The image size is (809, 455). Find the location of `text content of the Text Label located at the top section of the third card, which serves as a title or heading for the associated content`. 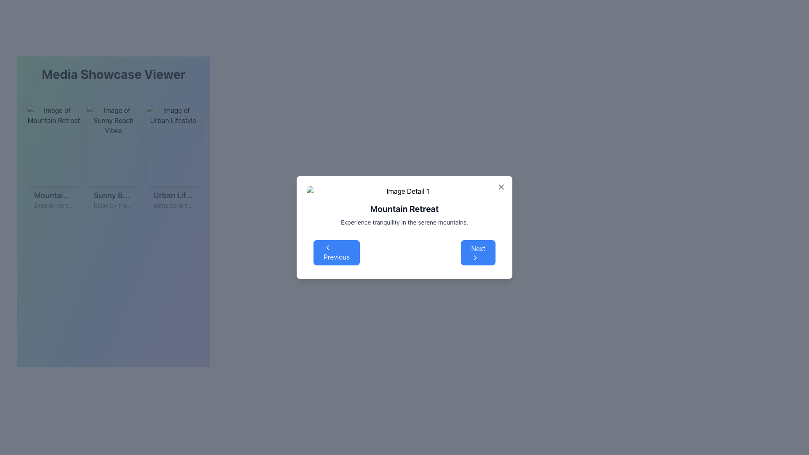

text content of the Text Label located at the top section of the third card, which serves as a title or heading for the associated content is located at coordinates (173, 195).